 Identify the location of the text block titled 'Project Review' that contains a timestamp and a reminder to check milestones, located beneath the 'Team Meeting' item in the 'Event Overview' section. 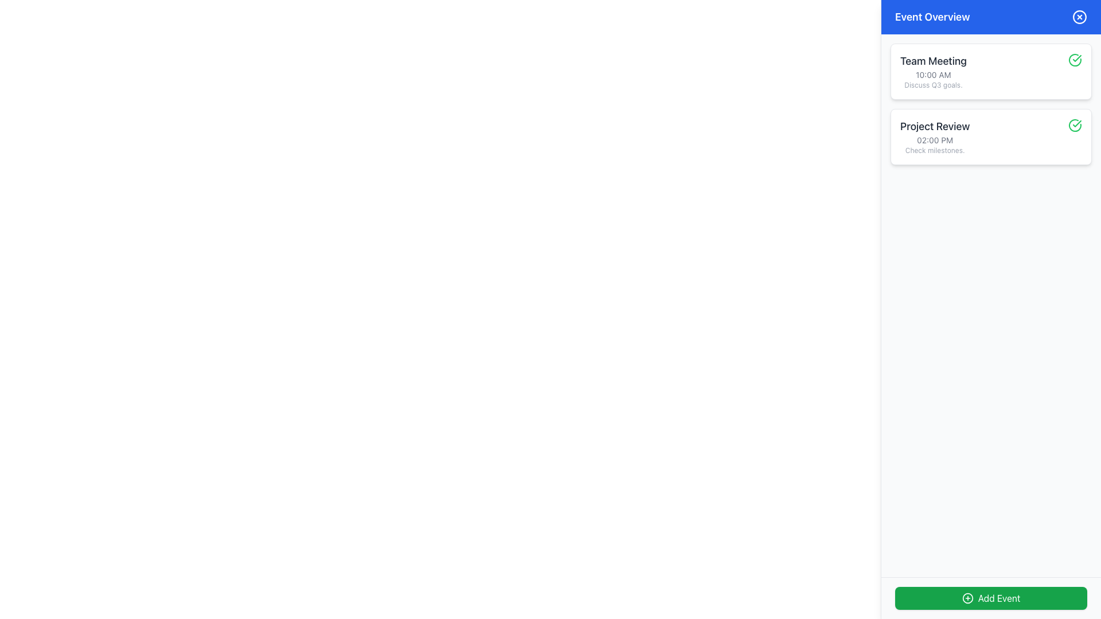
(935, 136).